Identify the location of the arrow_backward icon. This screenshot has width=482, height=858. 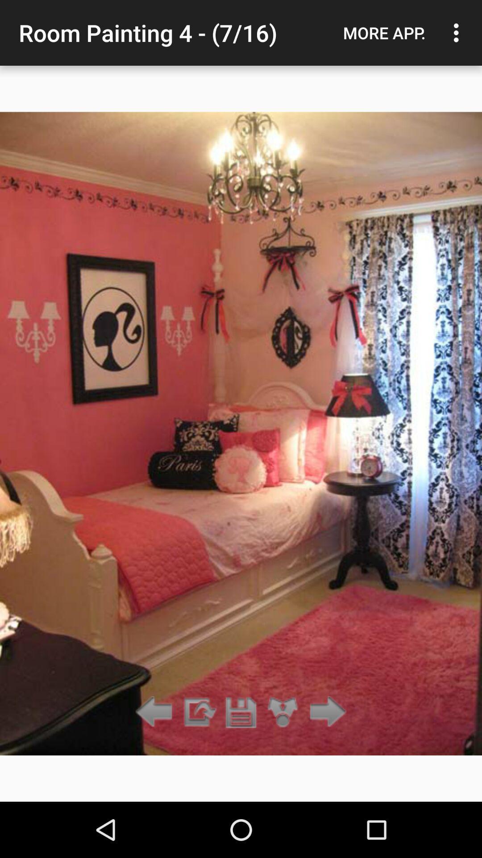
(156, 712).